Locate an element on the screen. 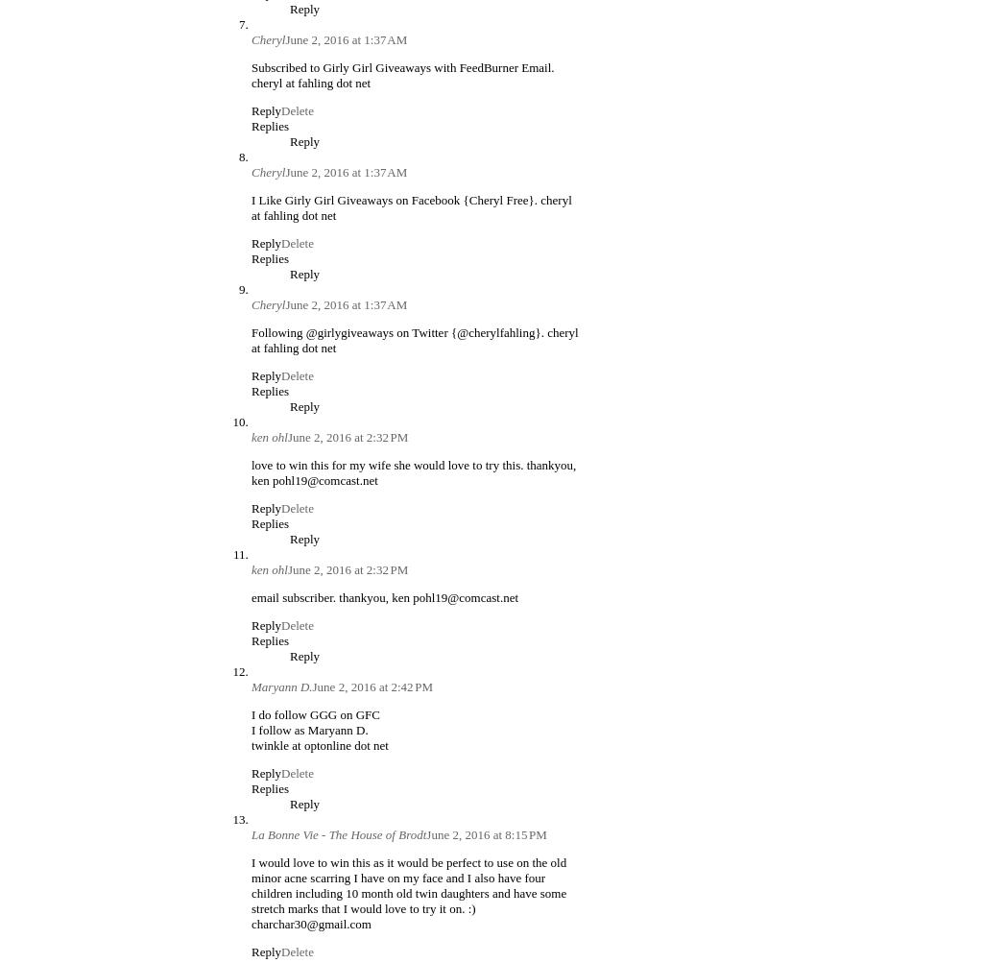 The height and width of the screenshot is (963, 983). 'twinkle at optonline dot net' is located at coordinates (319, 743).